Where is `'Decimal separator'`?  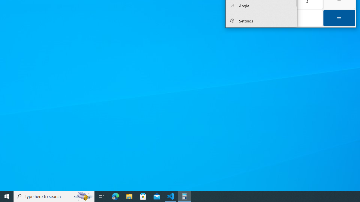
'Decimal separator' is located at coordinates (307, 18).